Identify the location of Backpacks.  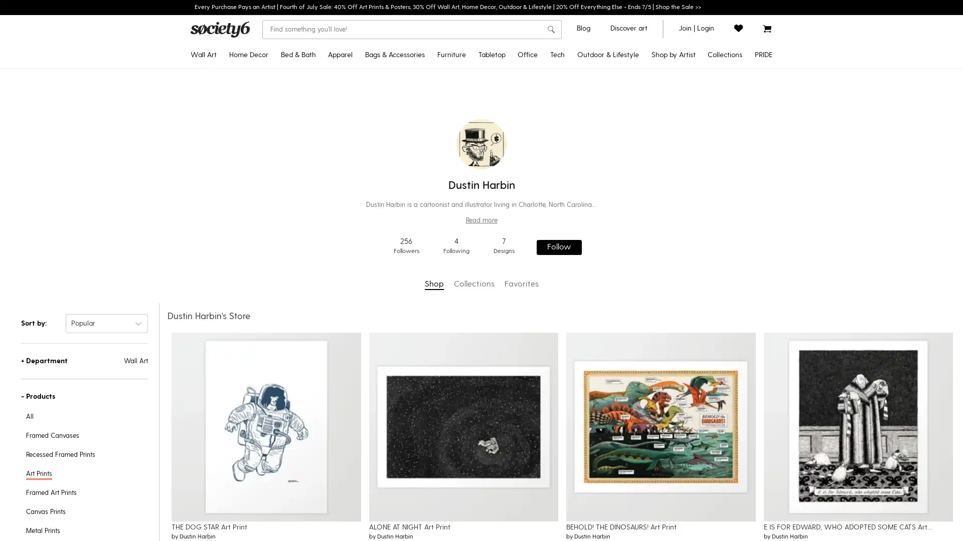
(402, 112).